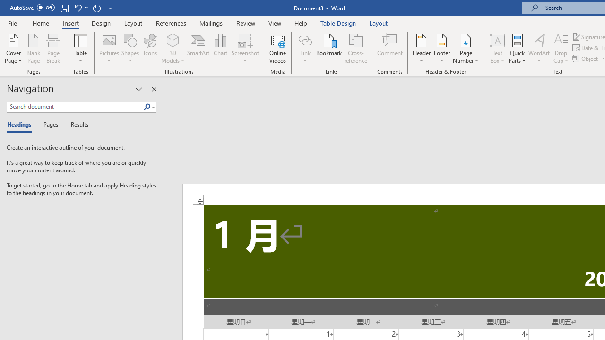 Image resolution: width=605 pixels, height=340 pixels. I want to click on 'SmartArt...', so click(198, 49).